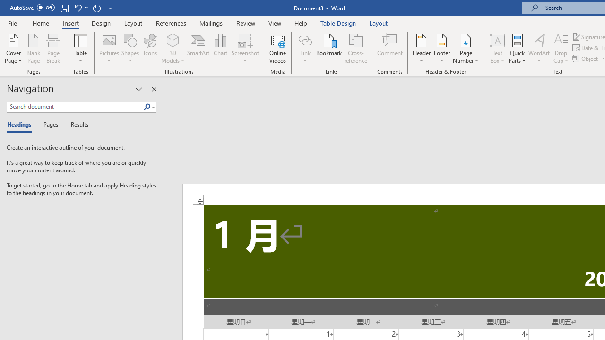 Image resolution: width=605 pixels, height=340 pixels. I want to click on 'SmartArt...', so click(198, 49).